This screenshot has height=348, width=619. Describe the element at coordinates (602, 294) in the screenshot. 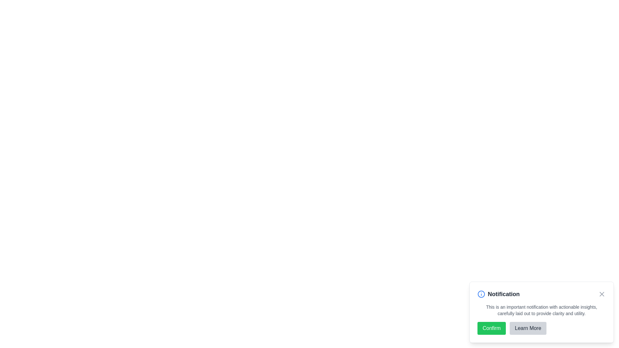

I see `the 'X' button in the top-right corner of the notification box` at that location.